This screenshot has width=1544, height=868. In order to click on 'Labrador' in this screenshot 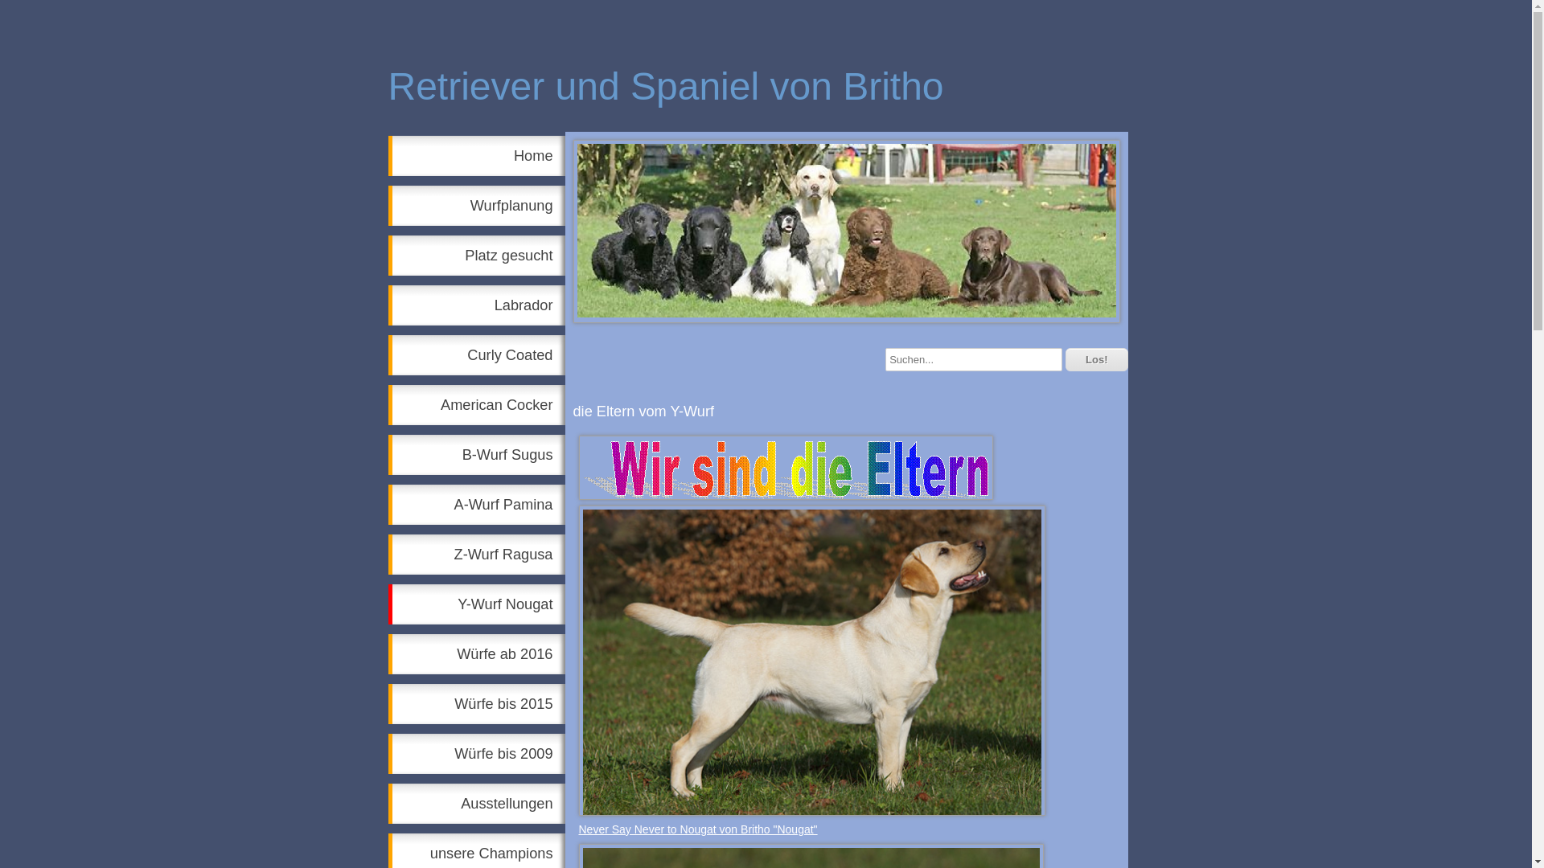, I will do `click(474, 305)`.